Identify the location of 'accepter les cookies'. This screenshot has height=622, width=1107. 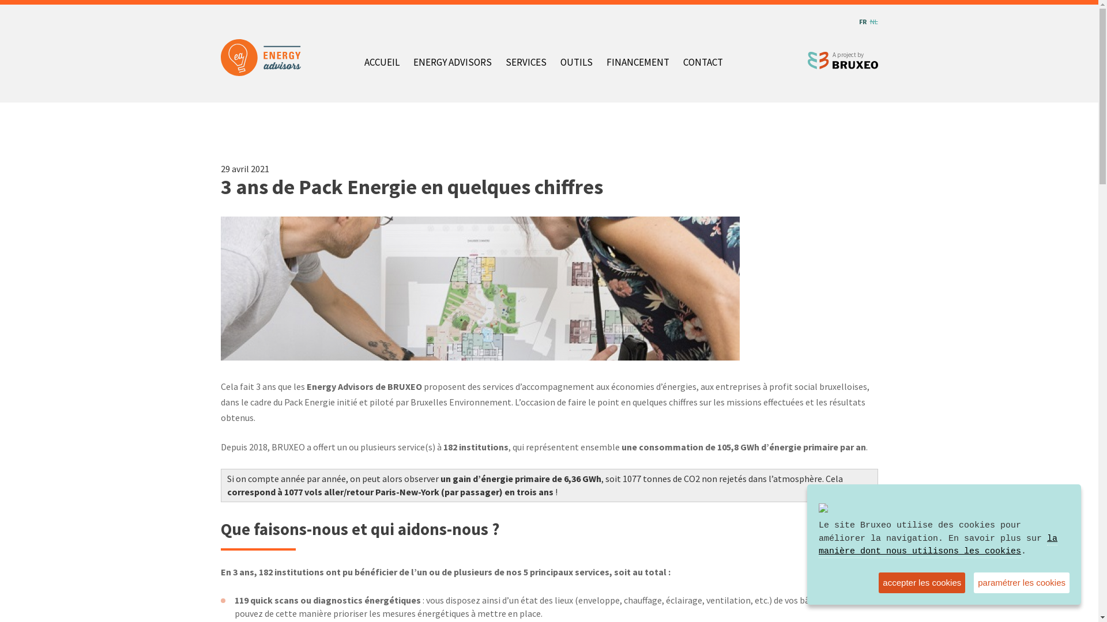
(921, 583).